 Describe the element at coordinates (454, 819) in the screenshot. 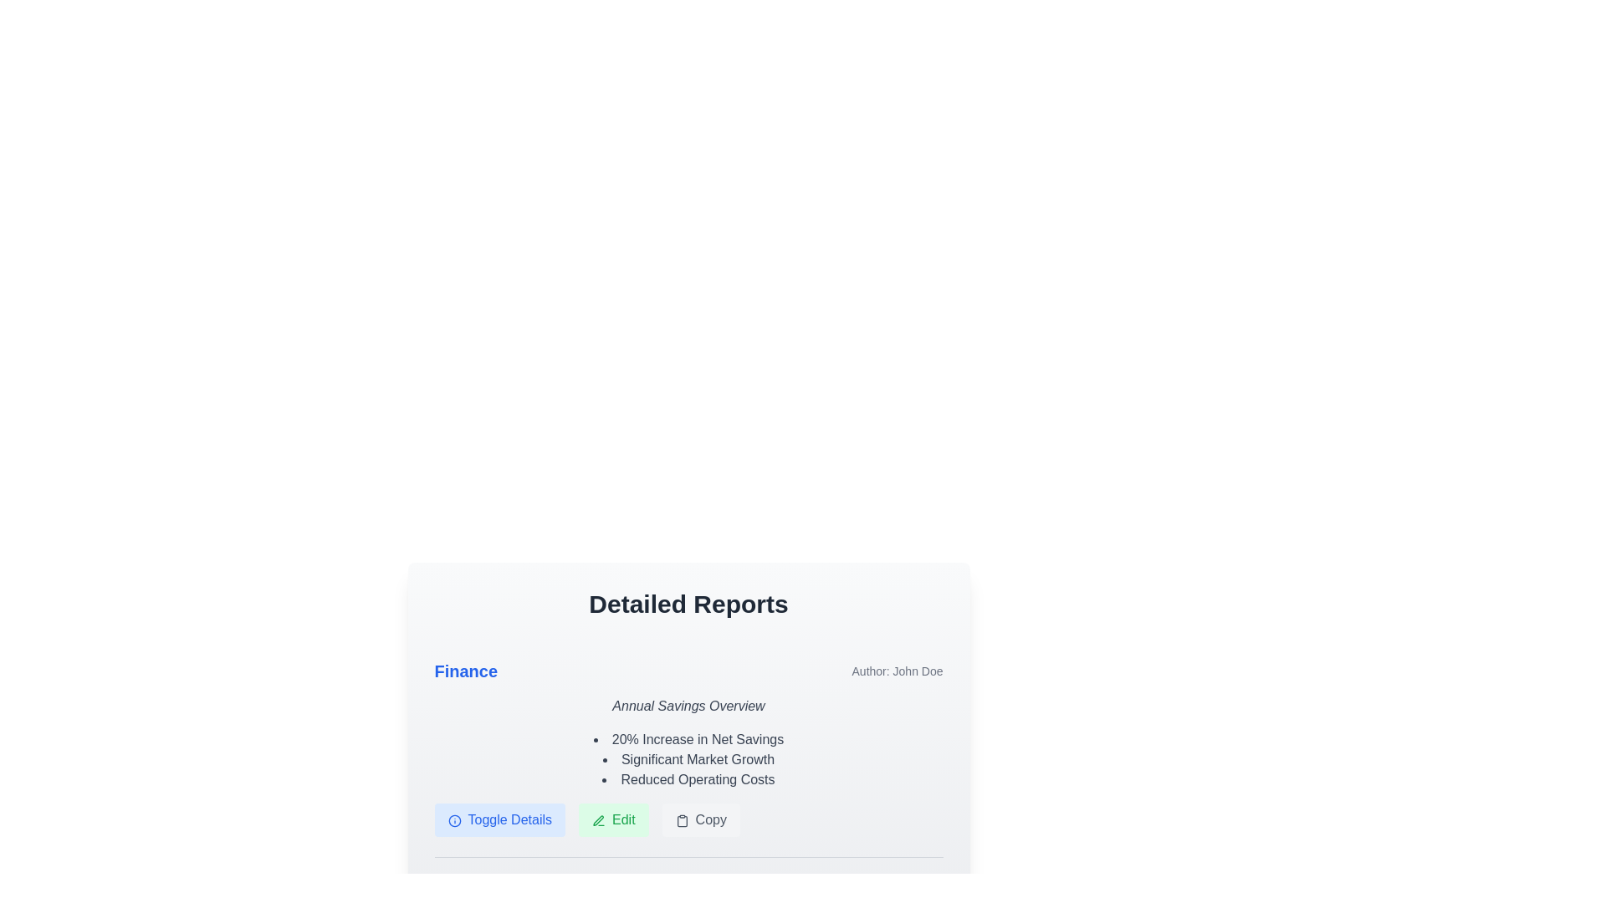

I see `the 'info' icon within the 'Toggle Details' button, which is styled with a circular border and a letter 'i' inside, located prominently on the left side of the button group beneath the 'Detailed Reports' section` at that location.